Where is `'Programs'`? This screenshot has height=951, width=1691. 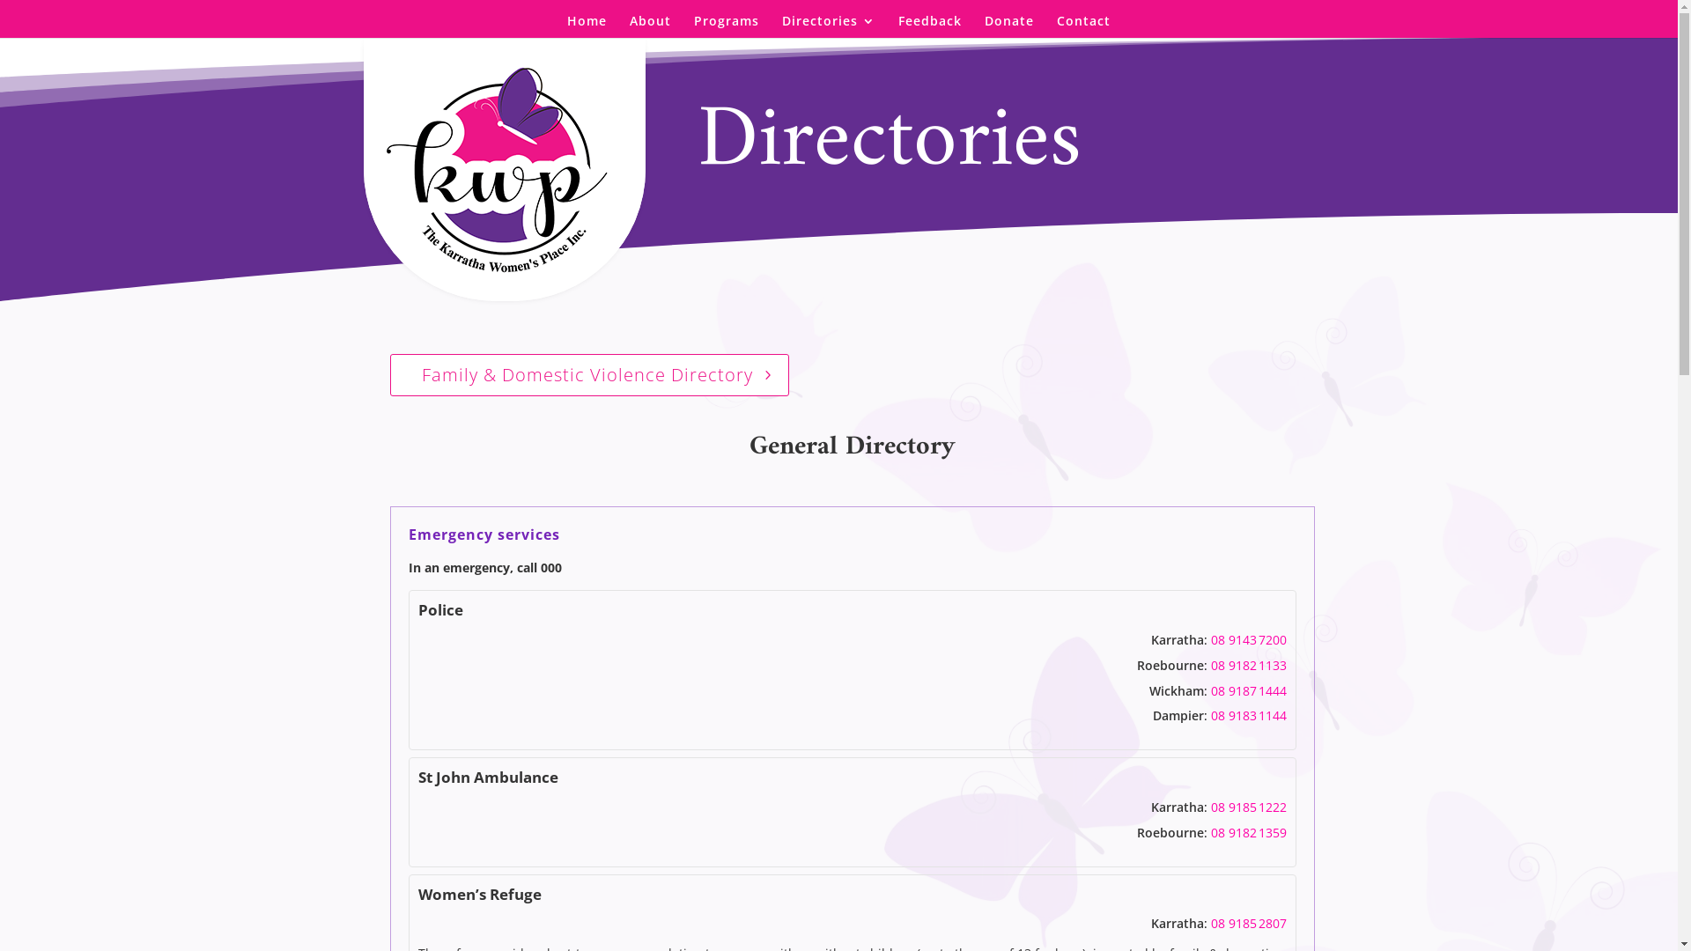
'Programs' is located at coordinates (727, 26).